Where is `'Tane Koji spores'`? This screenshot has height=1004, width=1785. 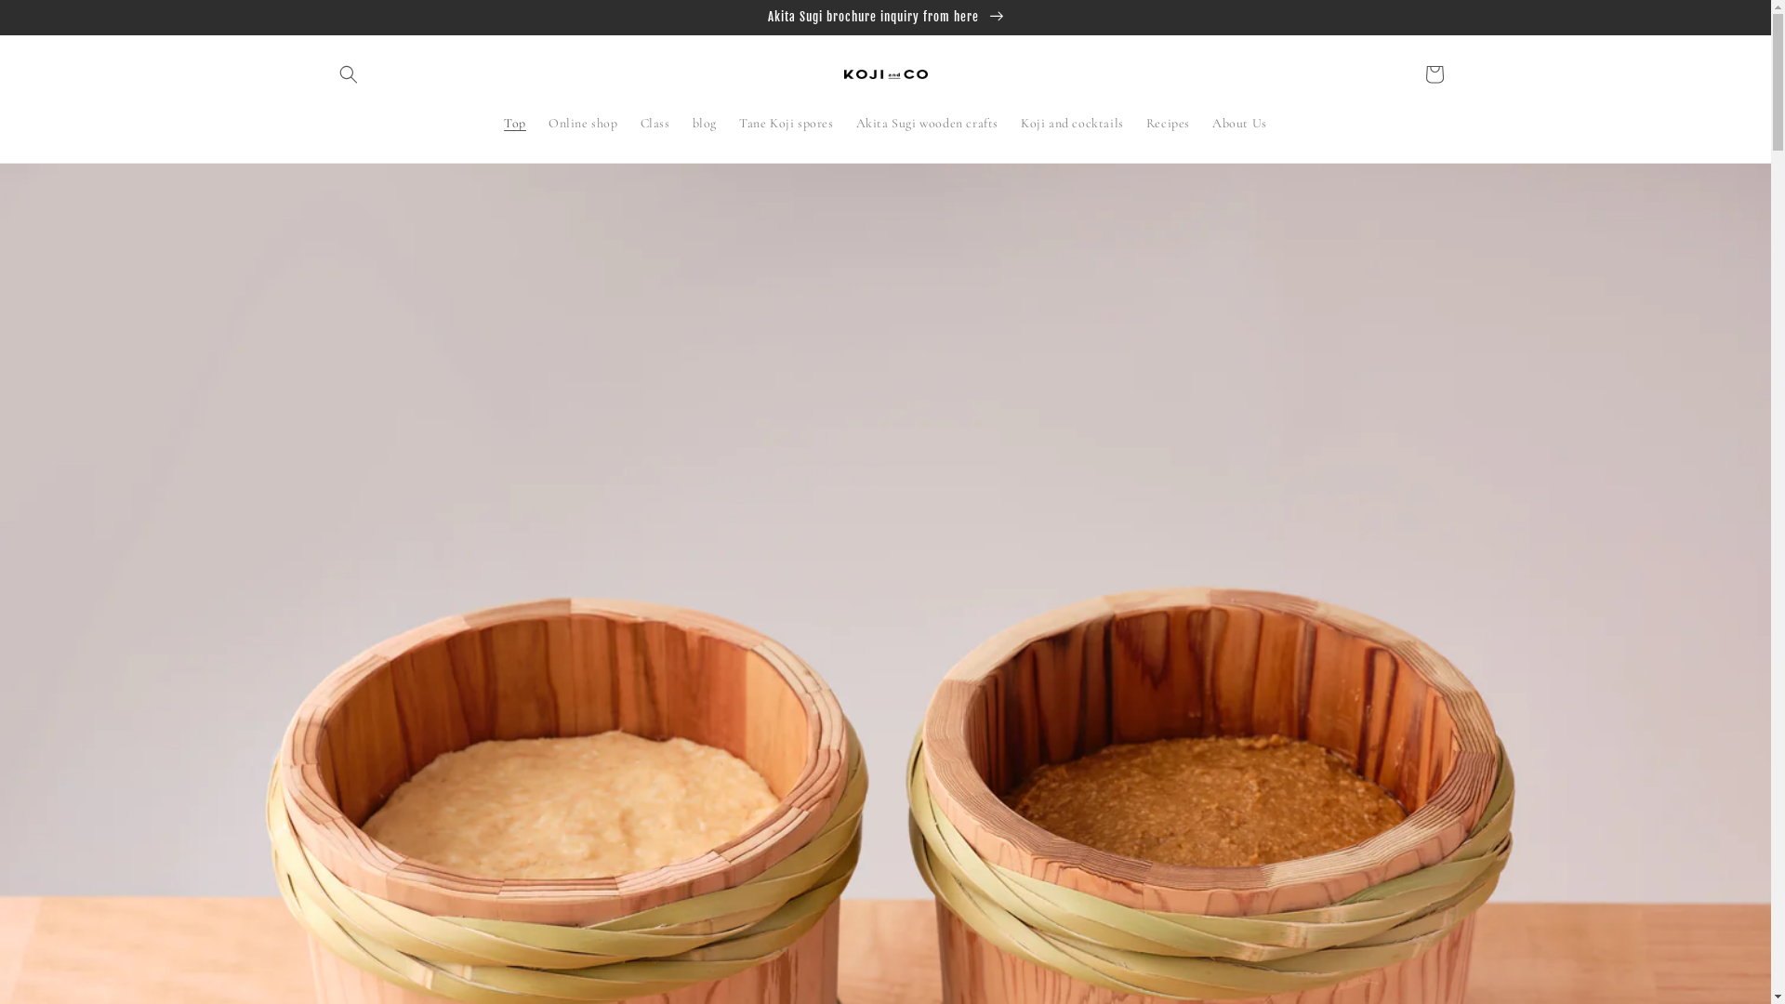 'Tane Koji spores' is located at coordinates (786, 123).